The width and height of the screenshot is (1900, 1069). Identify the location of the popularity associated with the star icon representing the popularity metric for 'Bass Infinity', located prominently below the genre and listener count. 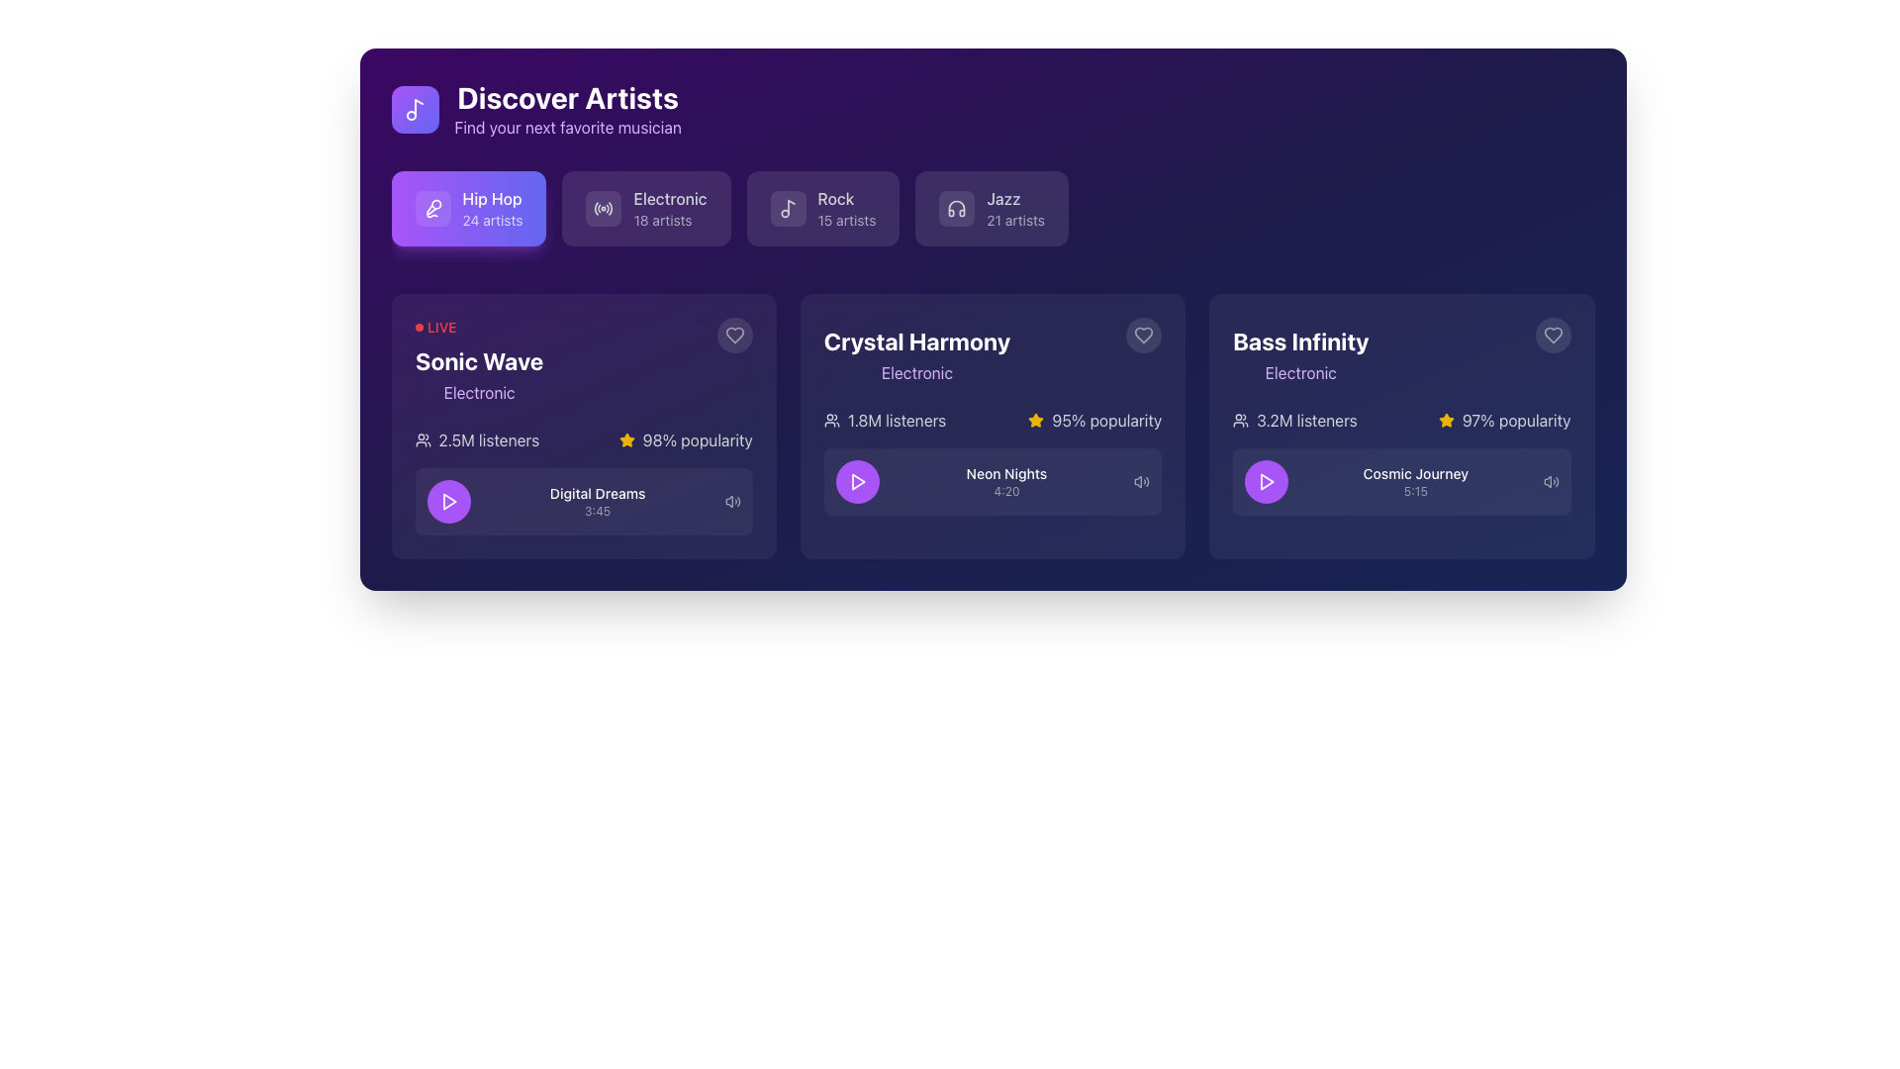
(1446, 419).